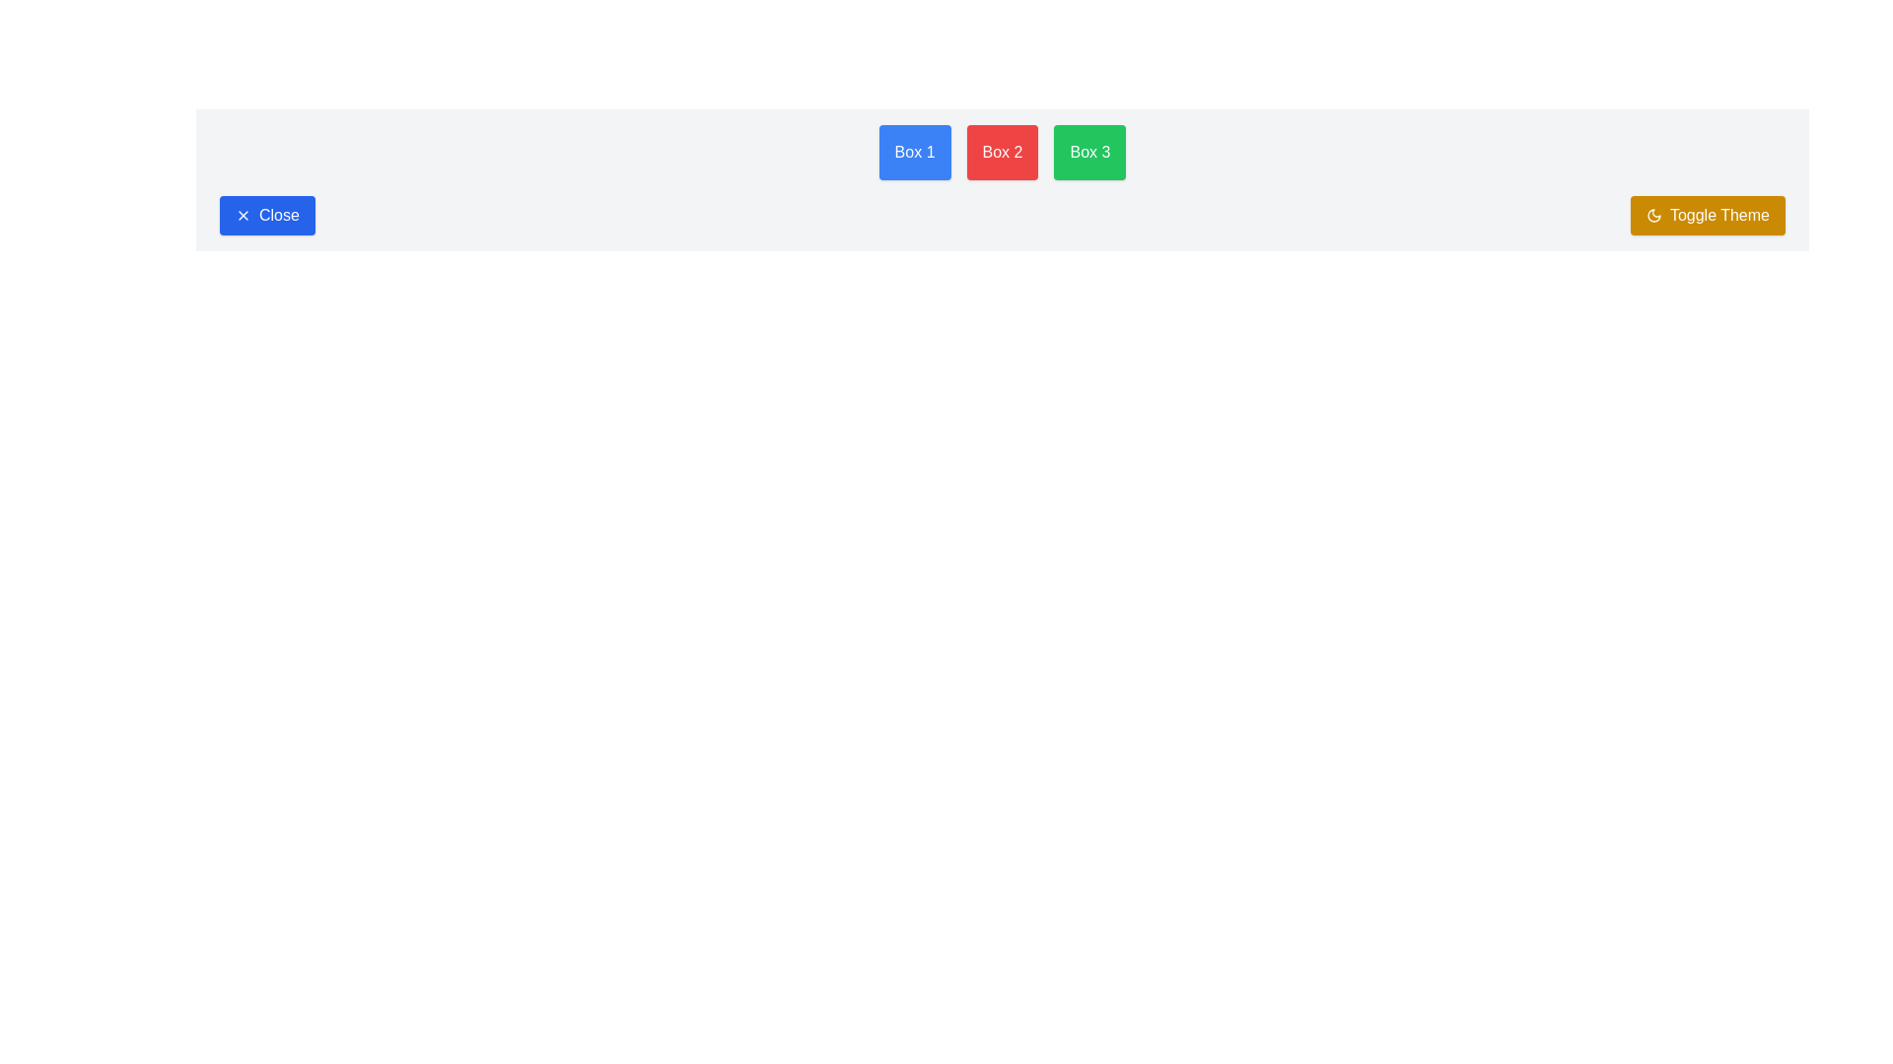 This screenshot has height=1064, width=1893. What do you see at coordinates (1653, 216) in the screenshot?
I see `the yellow 'Toggle Theme' button that contains the gold moon-shaped SVG icon positioned to its left` at bounding box center [1653, 216].